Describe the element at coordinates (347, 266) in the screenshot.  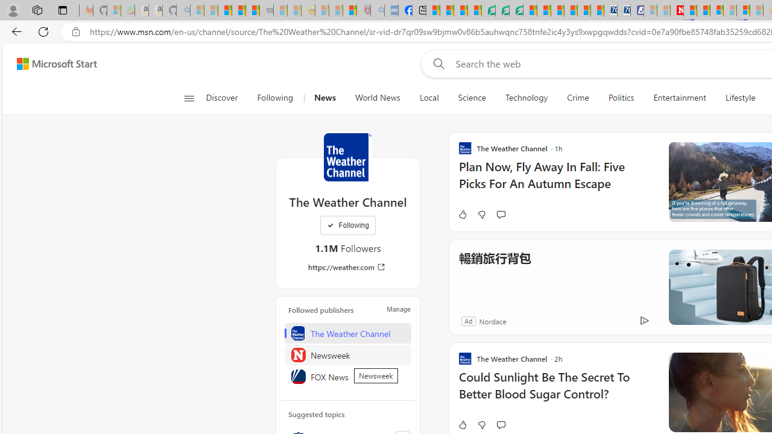
I see `'https://weather.com'` at that location.